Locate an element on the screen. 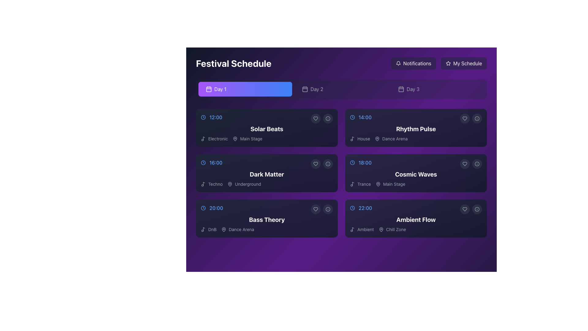 The height and width of the screenshot is (331, 588). the 'Ambient Flow' schedule card located in the far right and bottom corner of the two-column grid layout is located at coordinates (416, 218).